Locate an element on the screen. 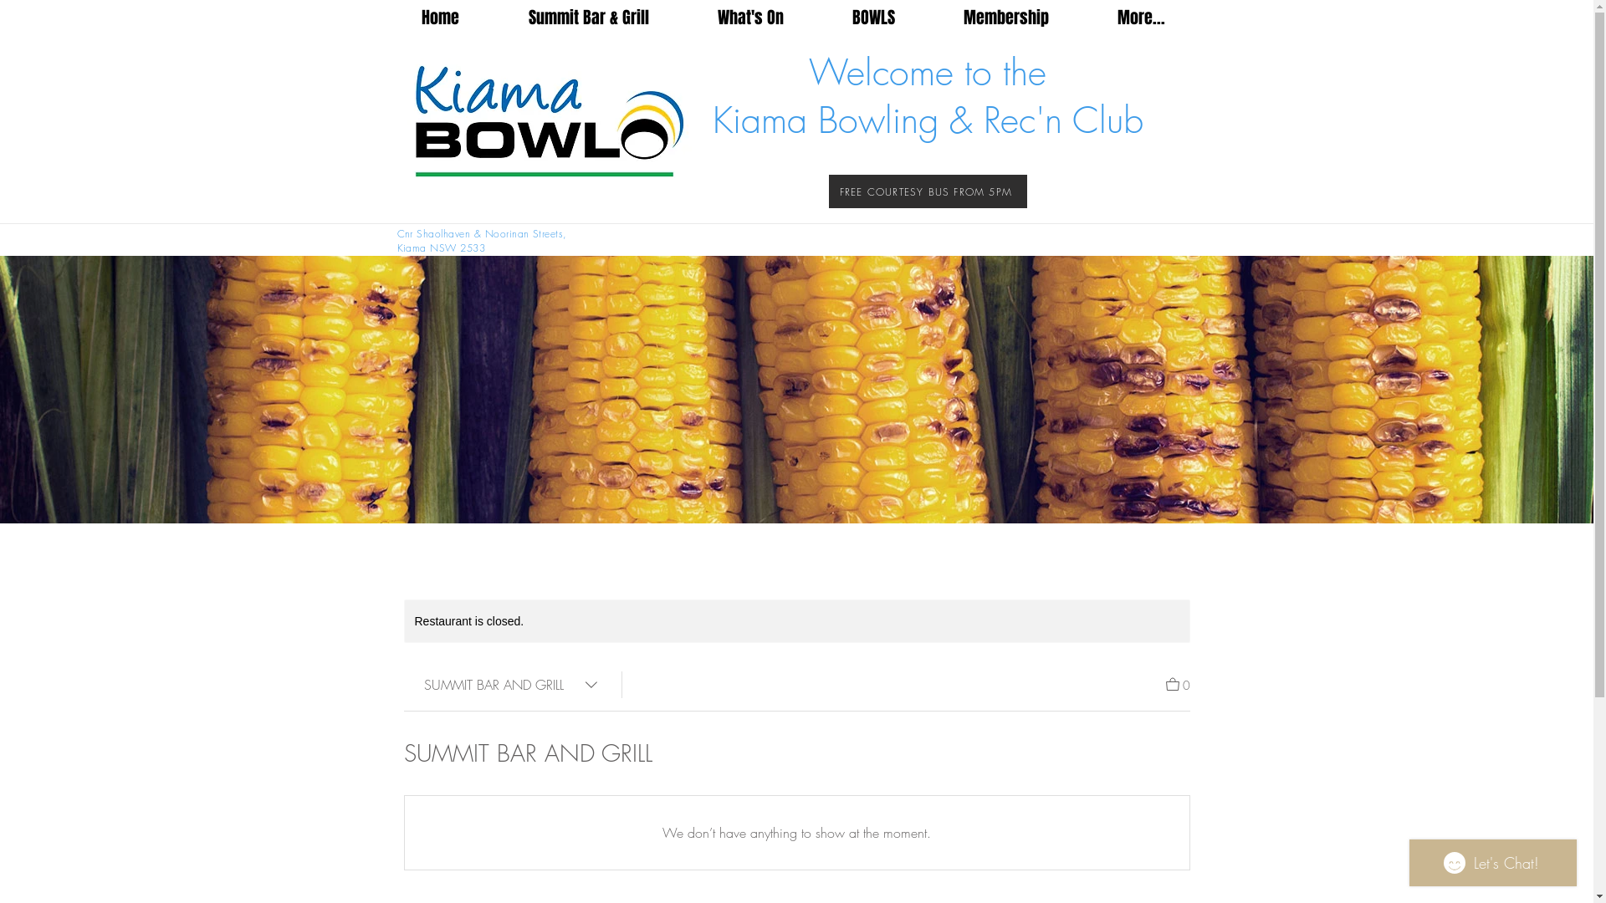 This screenshot has width=1606, height=903. 'BOWLS' is located at coordinates (872, 18).